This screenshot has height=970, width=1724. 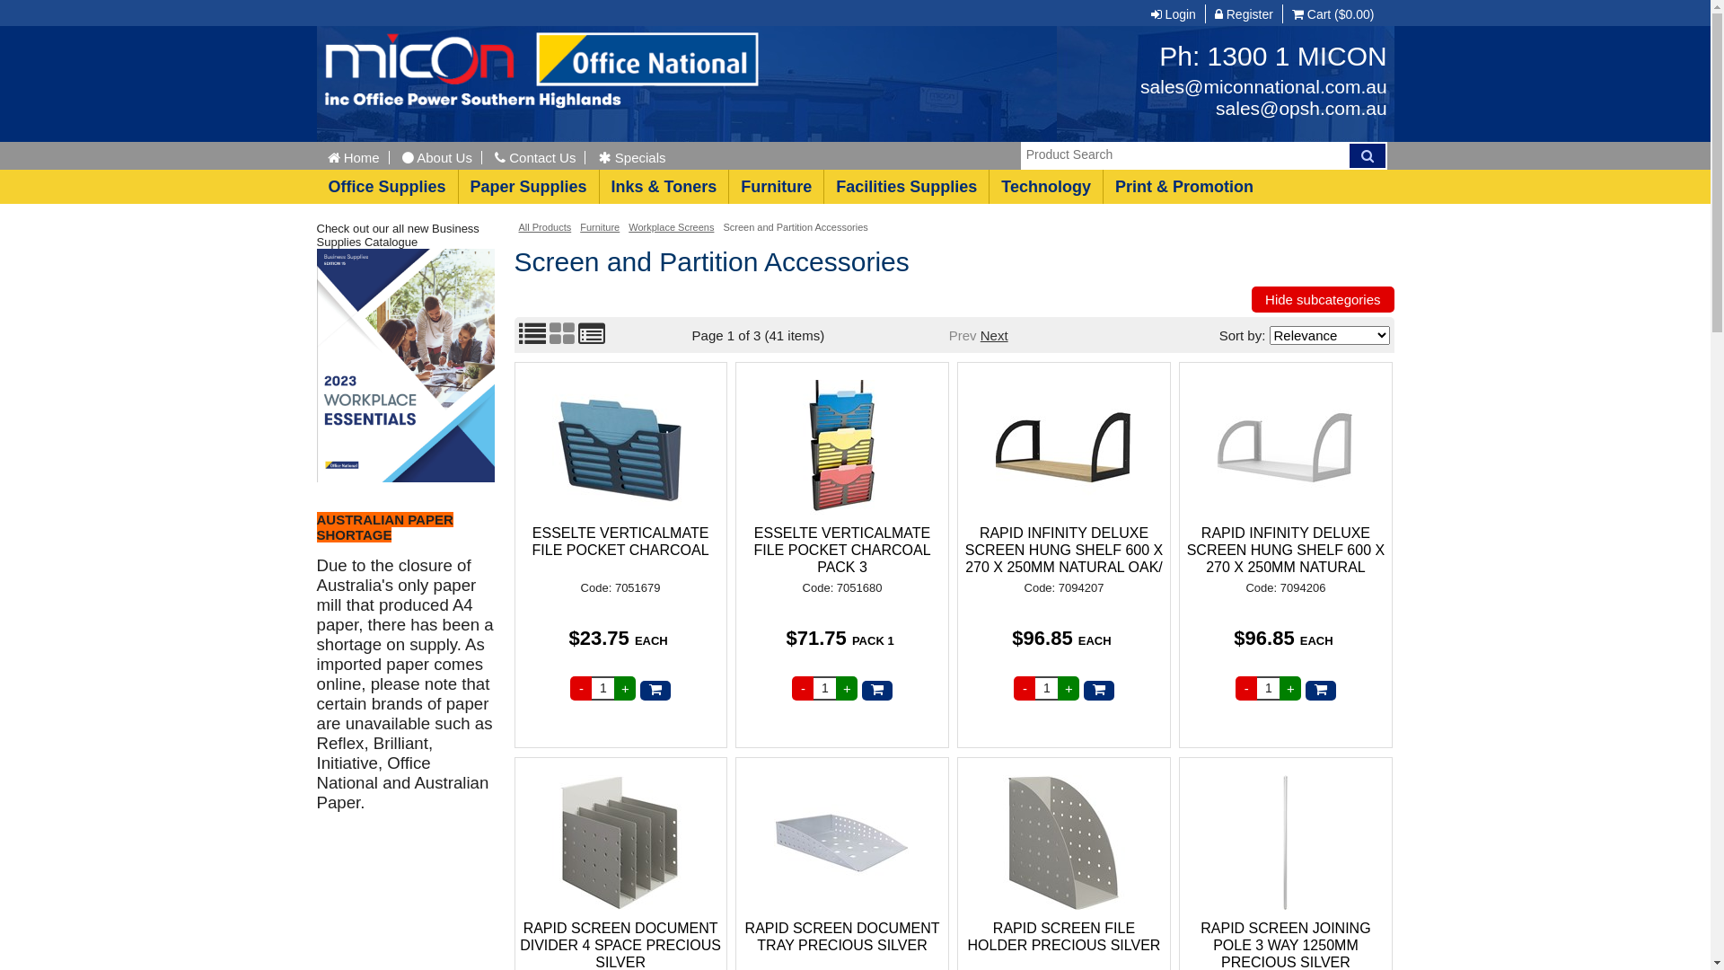 I want to click on 'Facilities Supplies', so click(x=905, y=187).